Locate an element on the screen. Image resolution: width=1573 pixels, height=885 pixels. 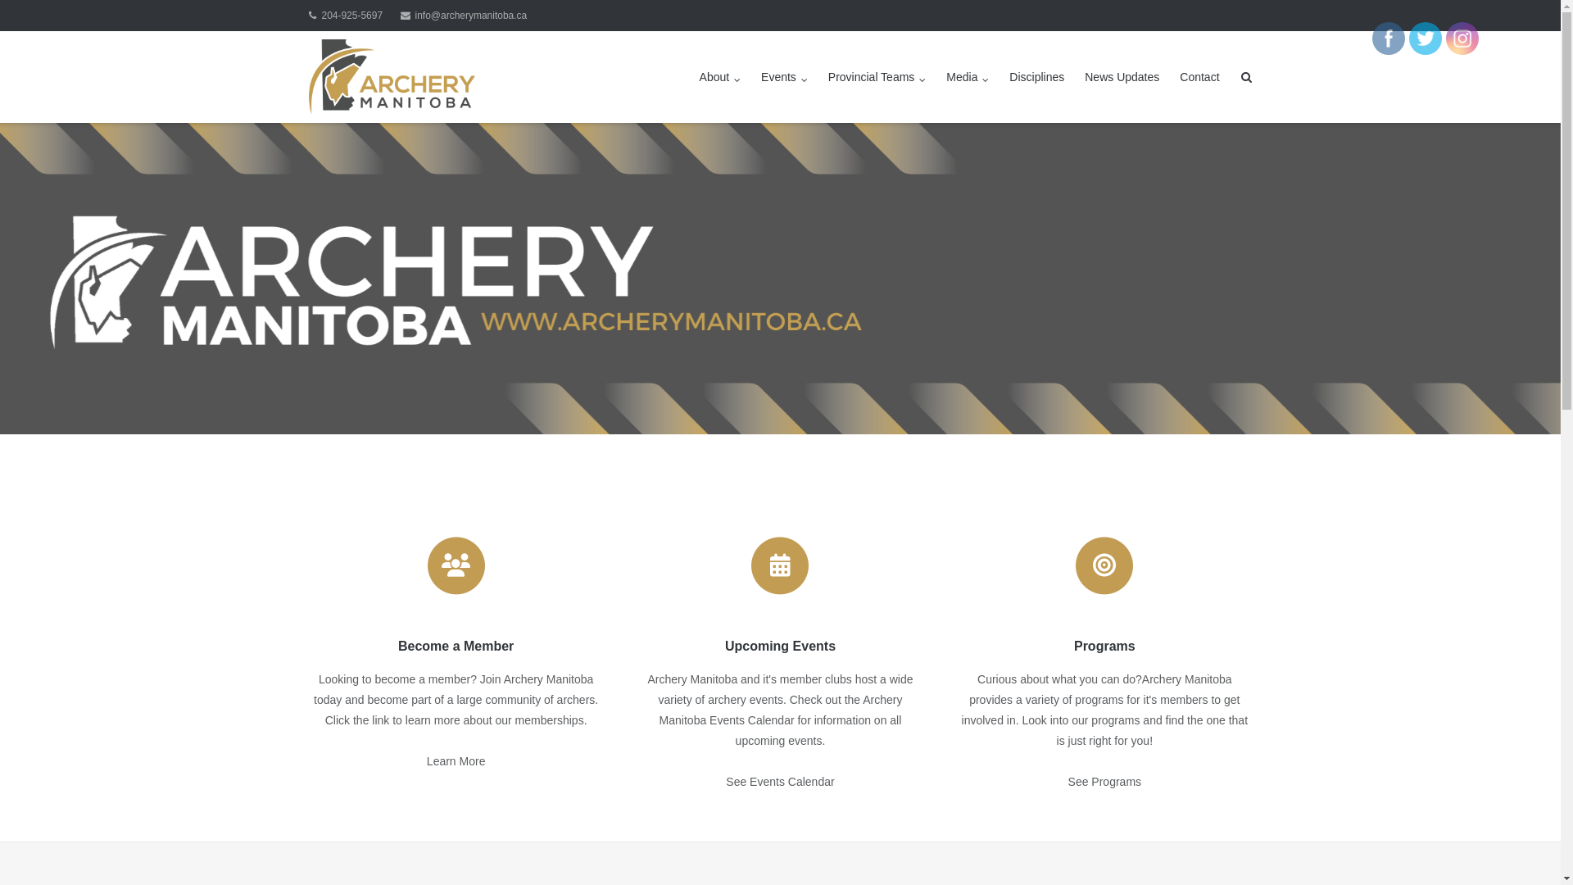
'Facebook' is located at coordinates (1387, 37).